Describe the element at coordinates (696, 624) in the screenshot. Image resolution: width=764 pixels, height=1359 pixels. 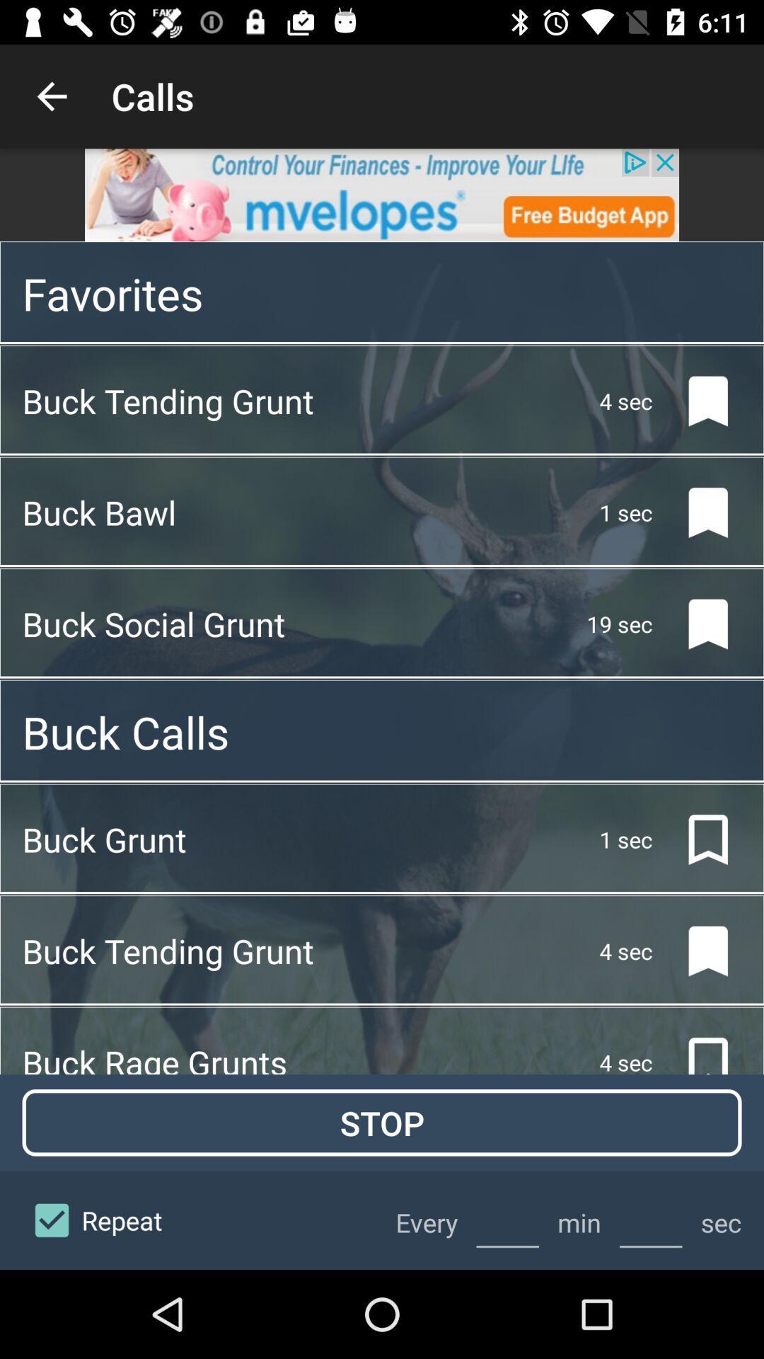
I see `the bookmark icon` at that location.